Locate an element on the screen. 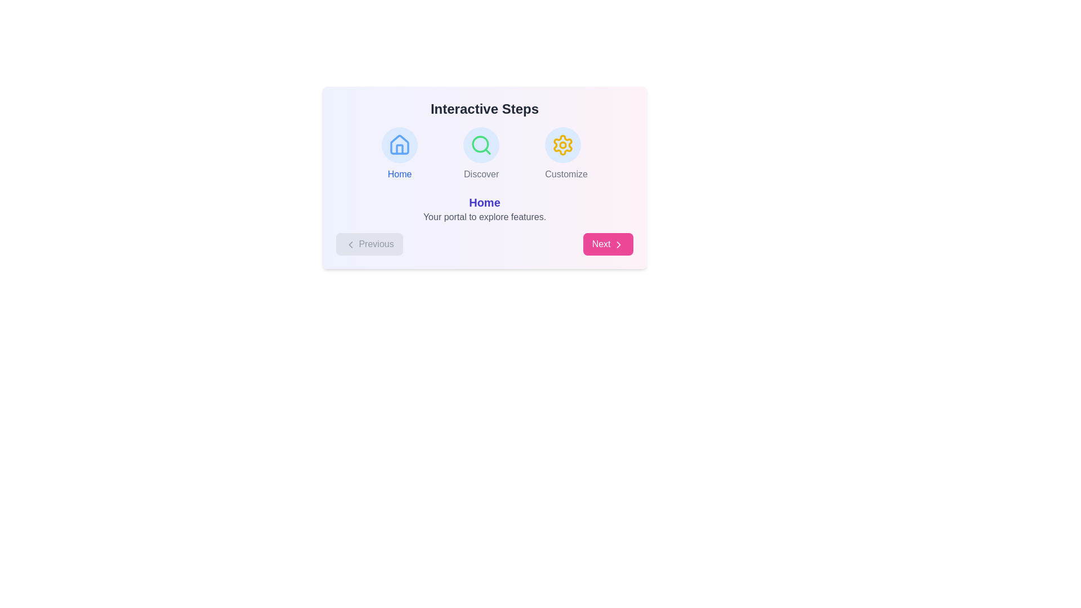  the pink 'Next' button with rounded corners containing white text and a right-pointing arrow icon to proceed to the next step is located at coordinates (607, 244).